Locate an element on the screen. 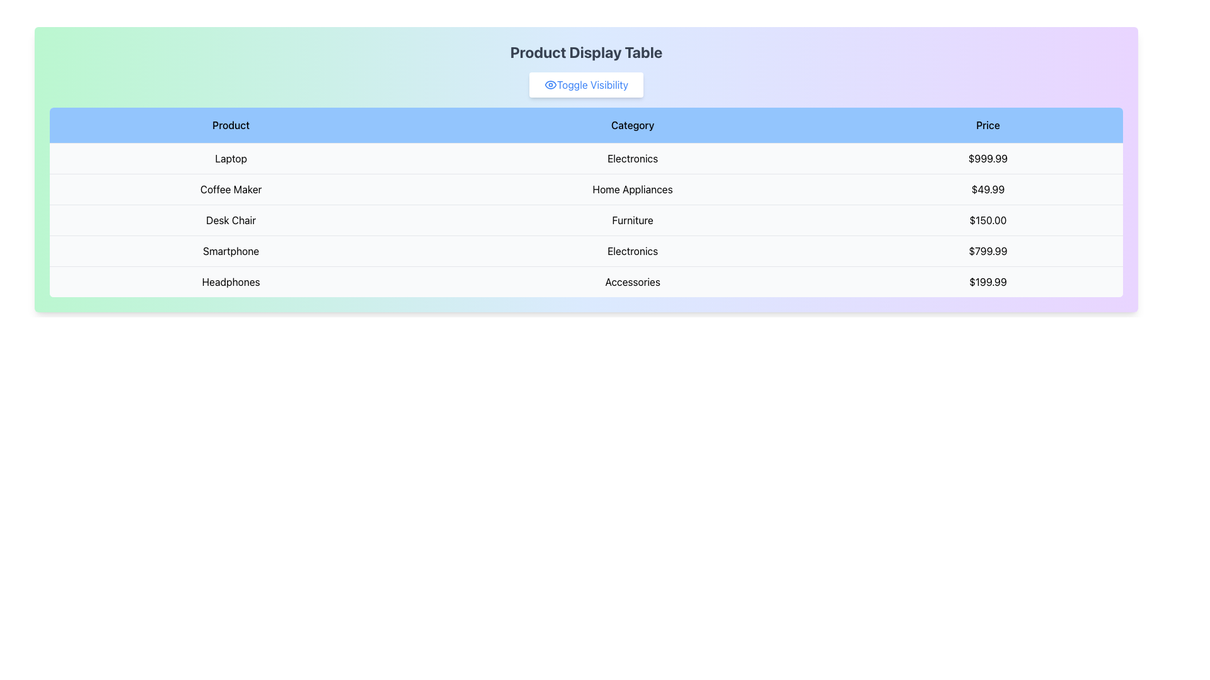 The height and width of the screenshot is (680, 1210). the price text label of the product 'Smartphone' located in the fourth row of the table, adjacent to the 'Electronics' cell is located at coordinates (987, 251).